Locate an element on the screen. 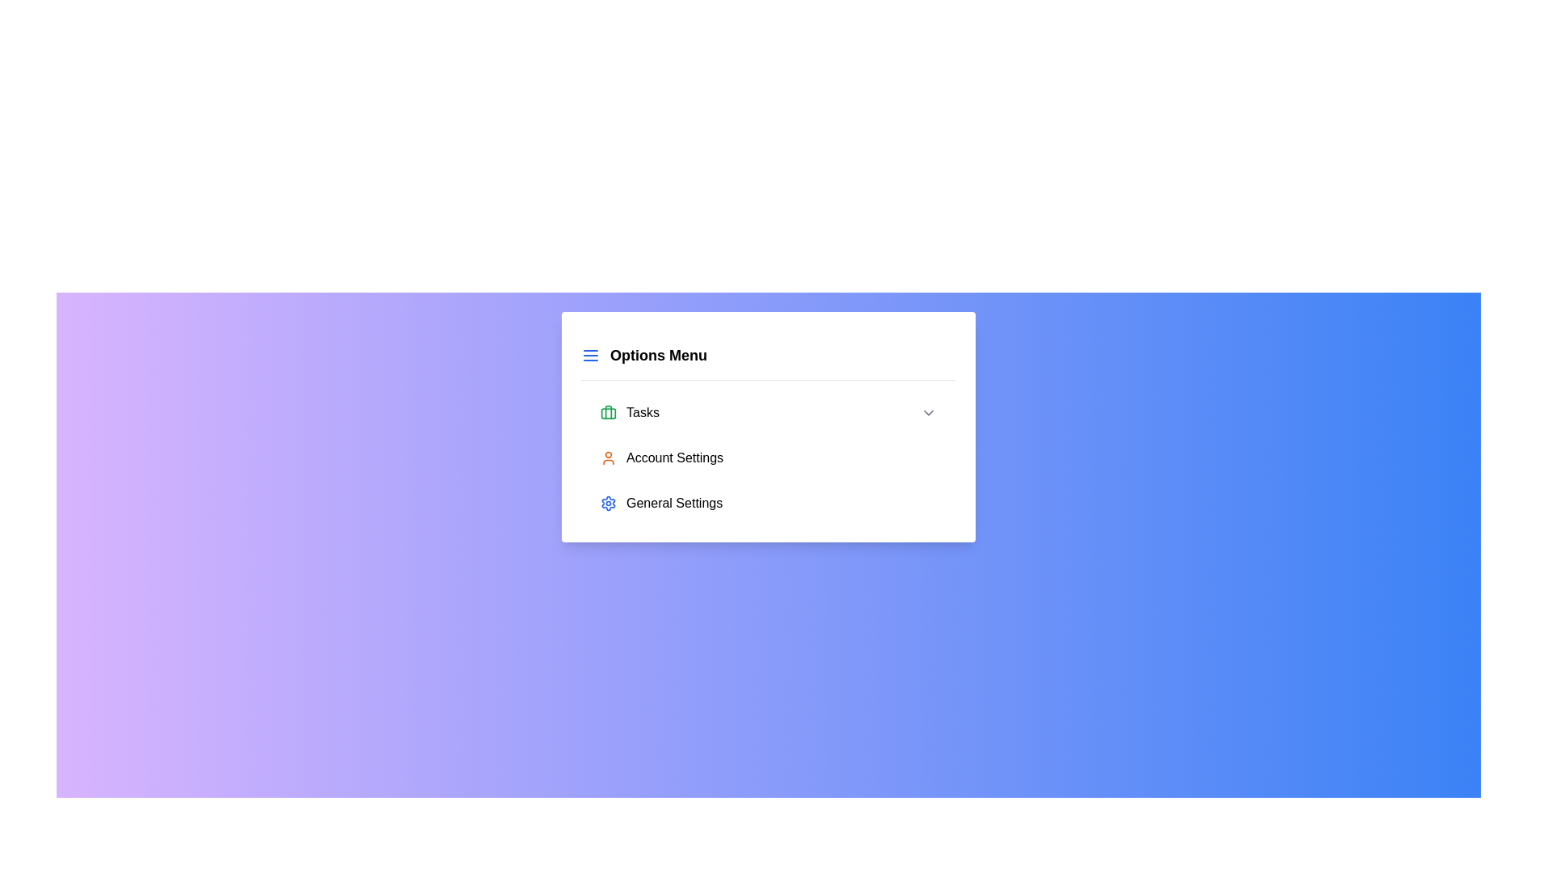 This screenshot has height=873, width=1552. the 'Tasks' menu option in the options menu is located at coordinates (767, 411).